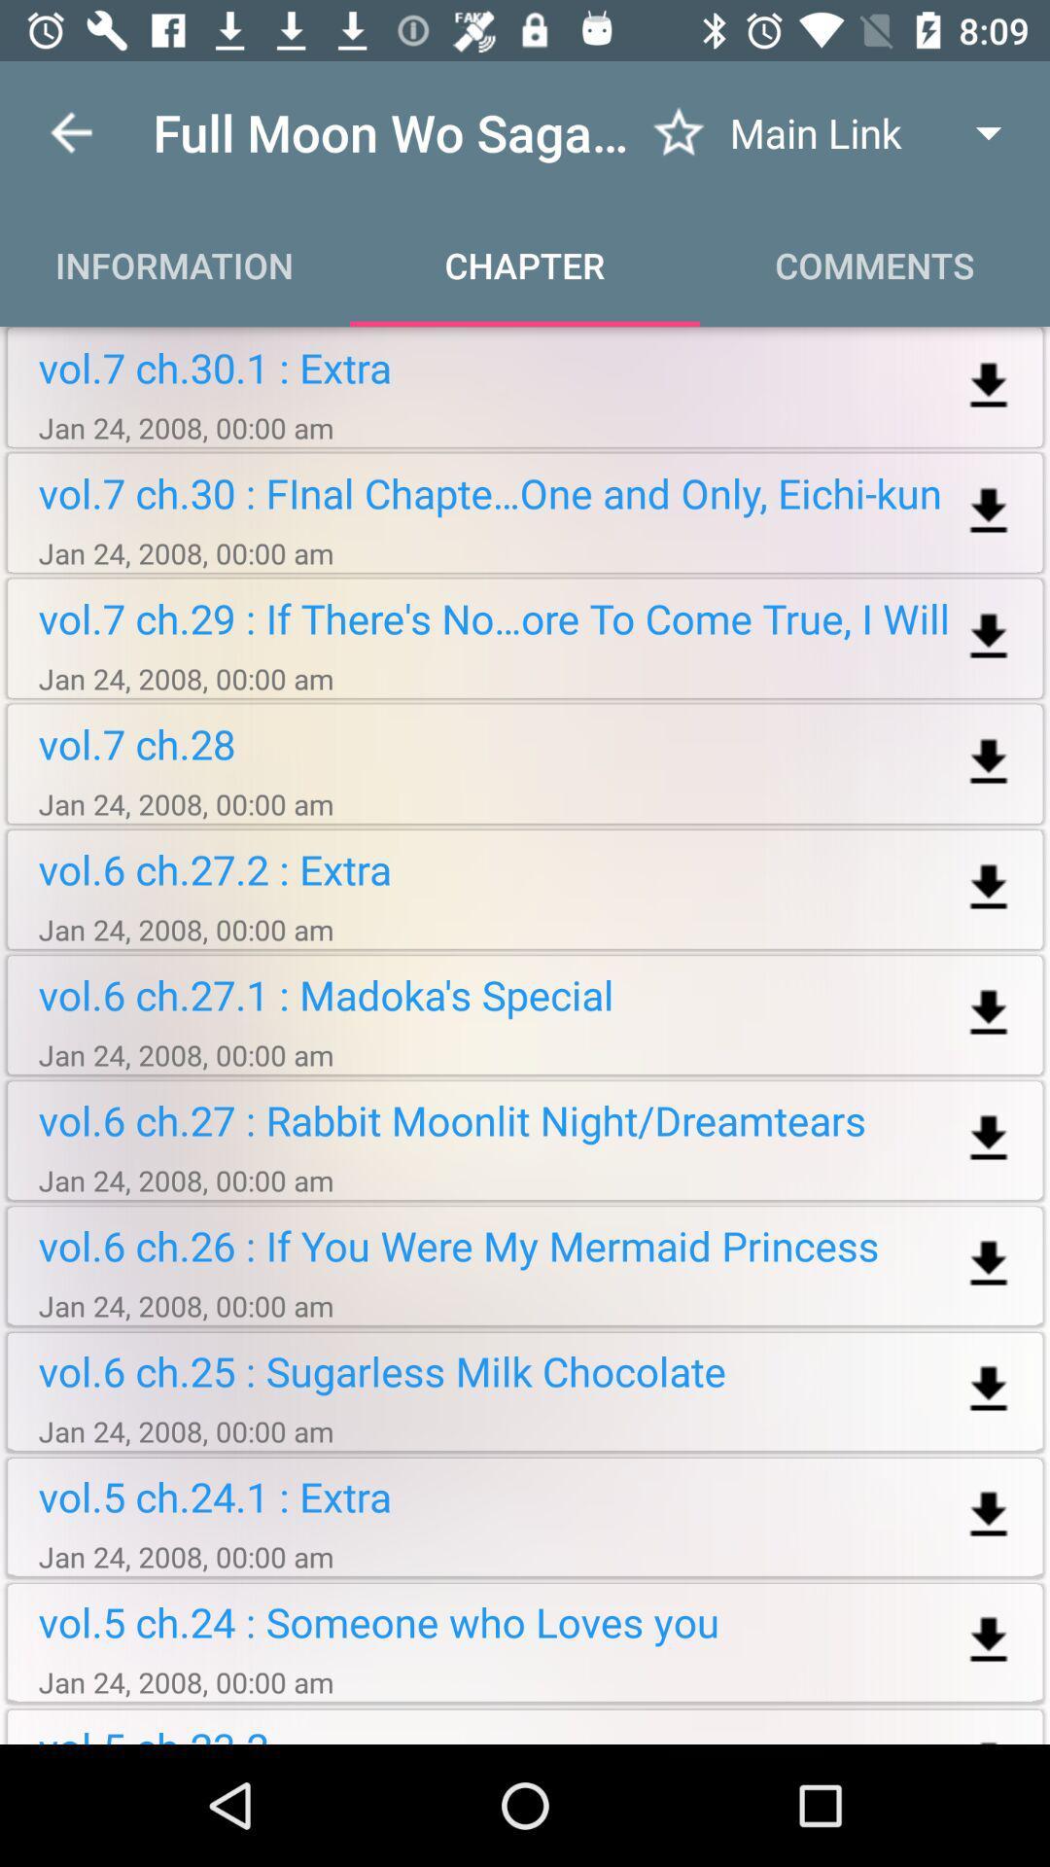 Image resolution: width=1050 pixels, height=1867 pixels. I want to click on download selected, so click(989, 386).